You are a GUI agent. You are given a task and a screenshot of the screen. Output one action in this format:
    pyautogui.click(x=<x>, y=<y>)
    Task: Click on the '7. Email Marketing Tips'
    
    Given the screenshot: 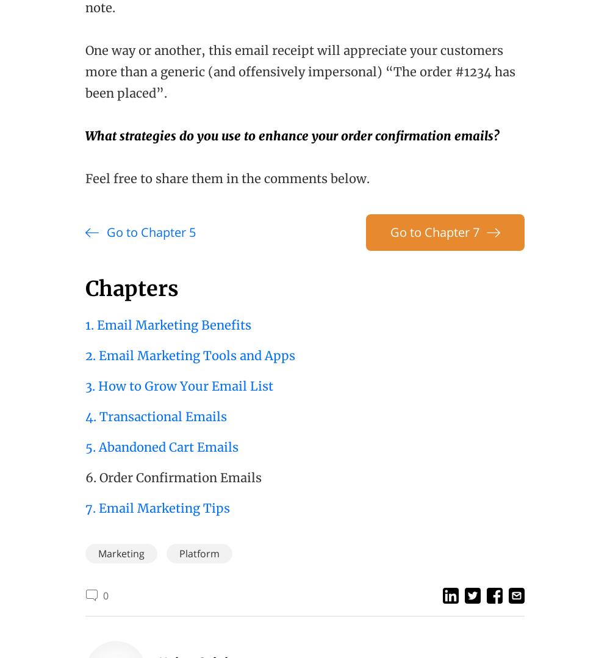 What is the action you would take?
    pyautogui.click(x=157, y=508)
    